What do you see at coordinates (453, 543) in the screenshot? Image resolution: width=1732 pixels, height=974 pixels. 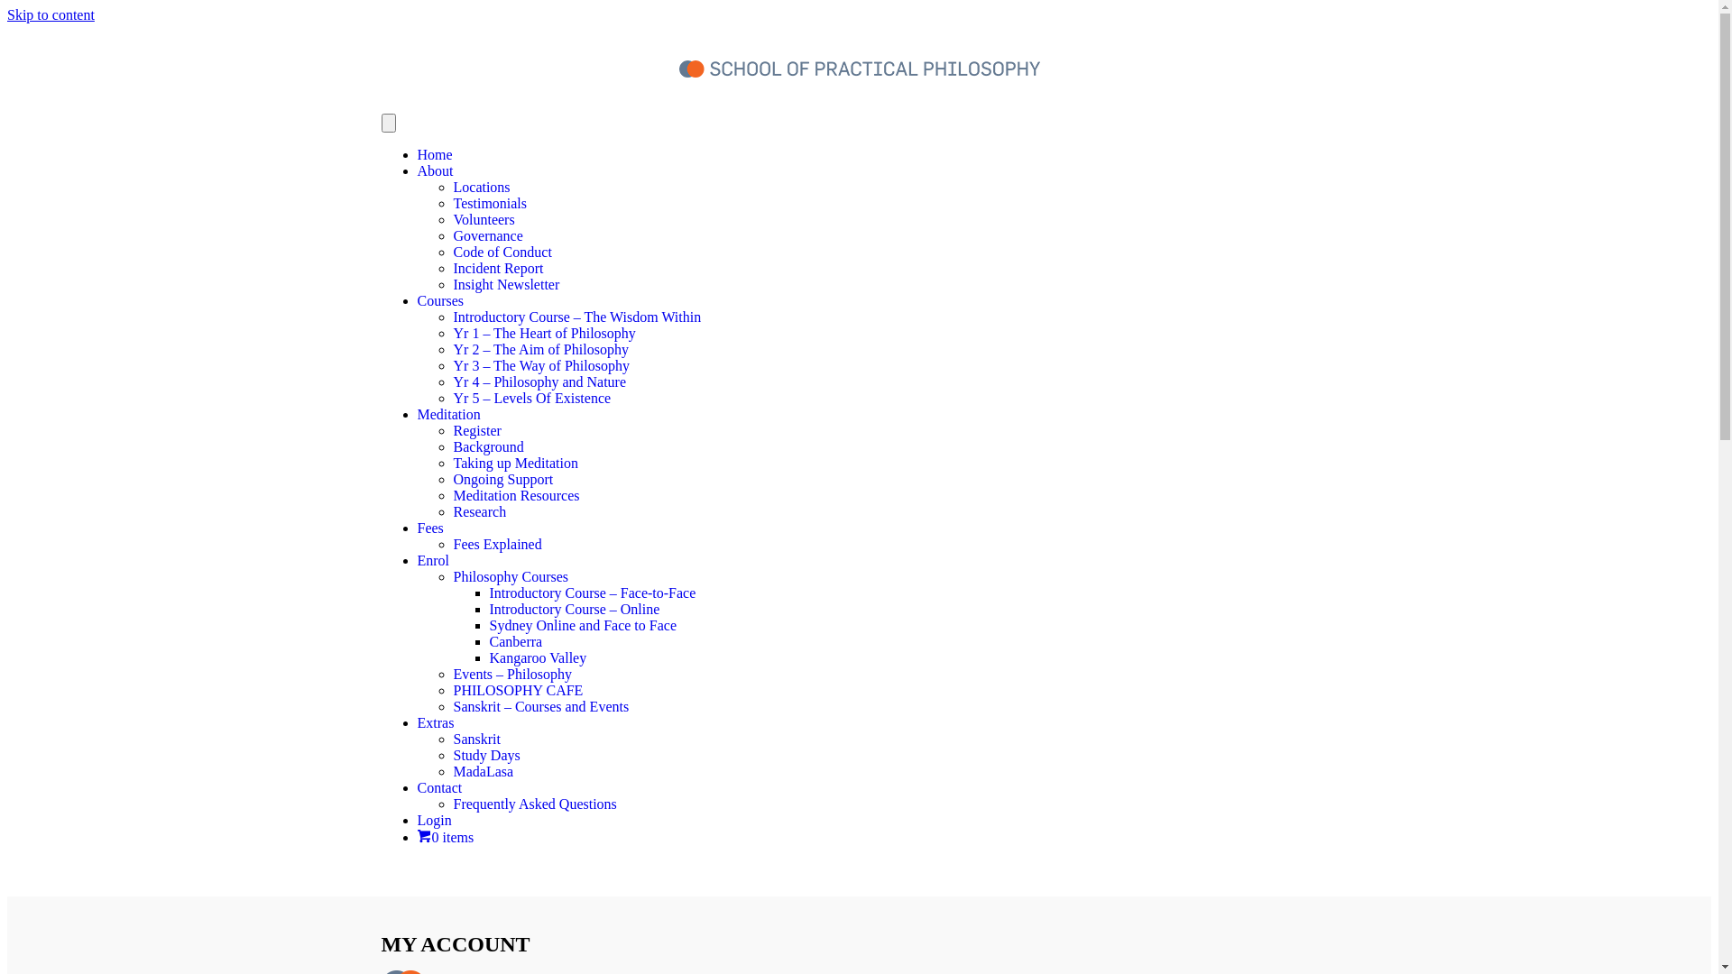 I see `'Fees Explained'` at bounding box center [453, 543].